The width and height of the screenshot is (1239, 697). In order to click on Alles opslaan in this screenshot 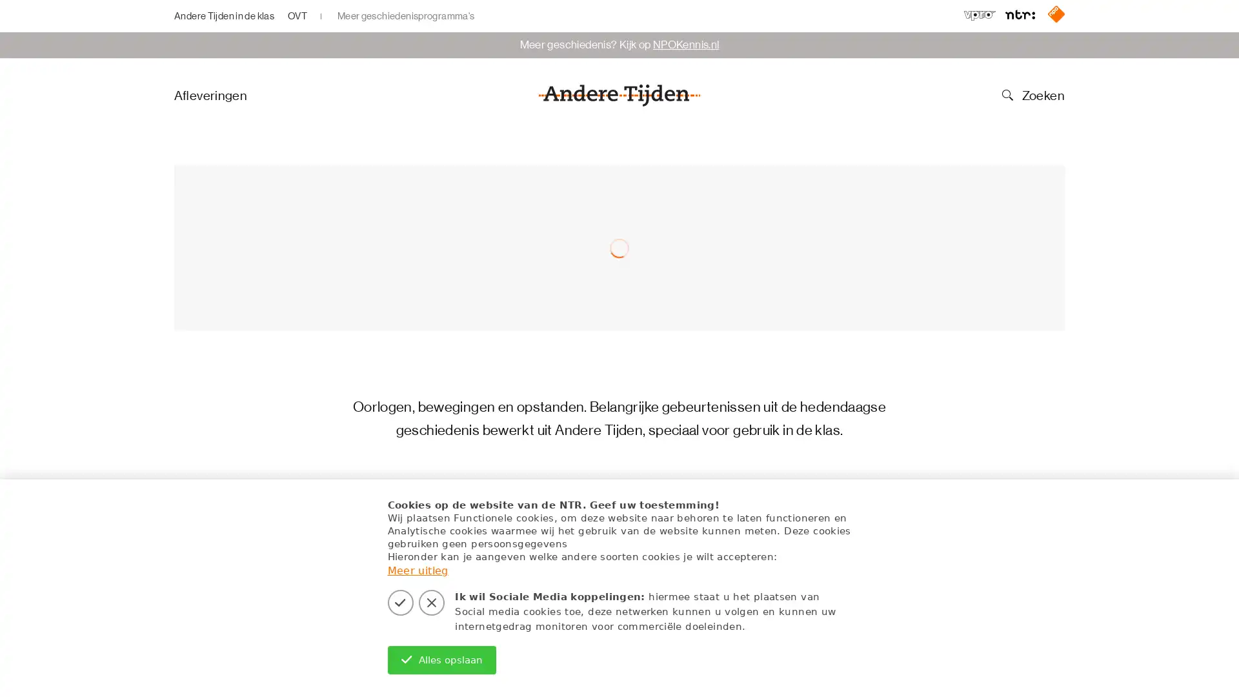, I will do `click(441, 660)`.